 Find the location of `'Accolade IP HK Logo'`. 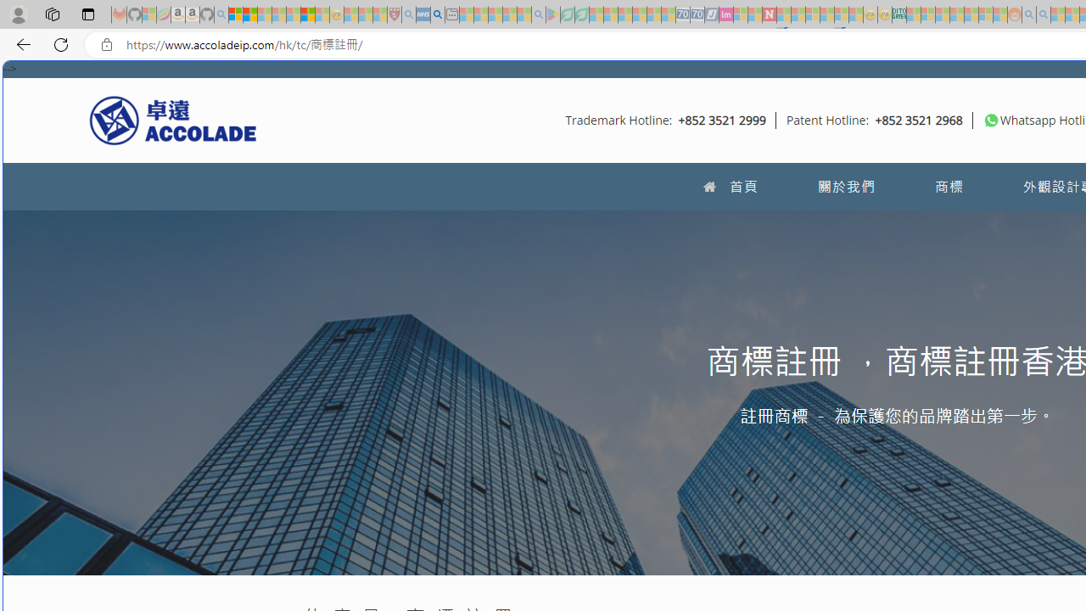

'Accolade IP HK Logo' is located at coordinates (173, 119).